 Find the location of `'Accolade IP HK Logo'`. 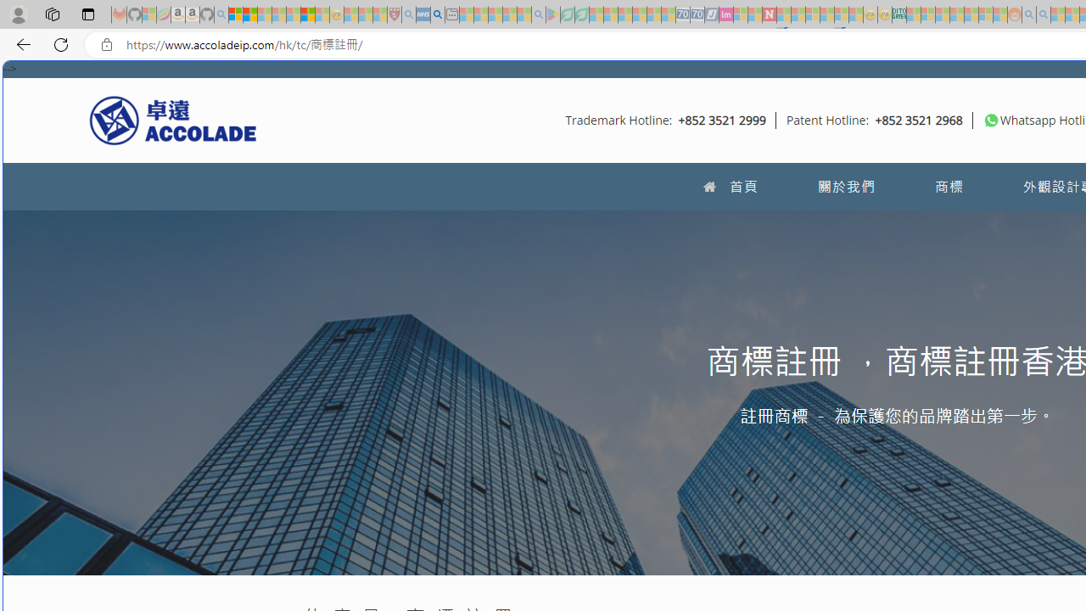

'Accolade IP HK Logo' is located at coordinates (173, 119).